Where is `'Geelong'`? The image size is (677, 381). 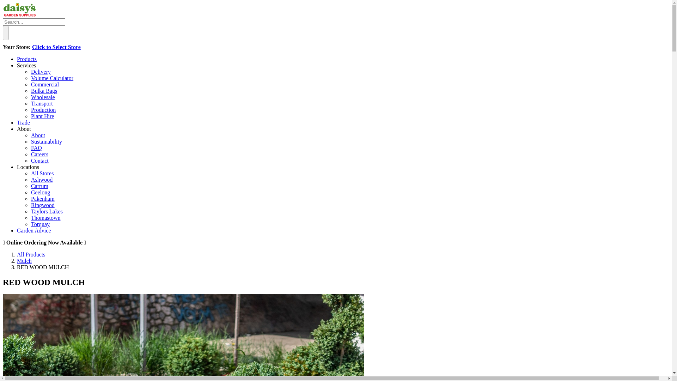
'Geelong' is located at coordinates (40, 192).